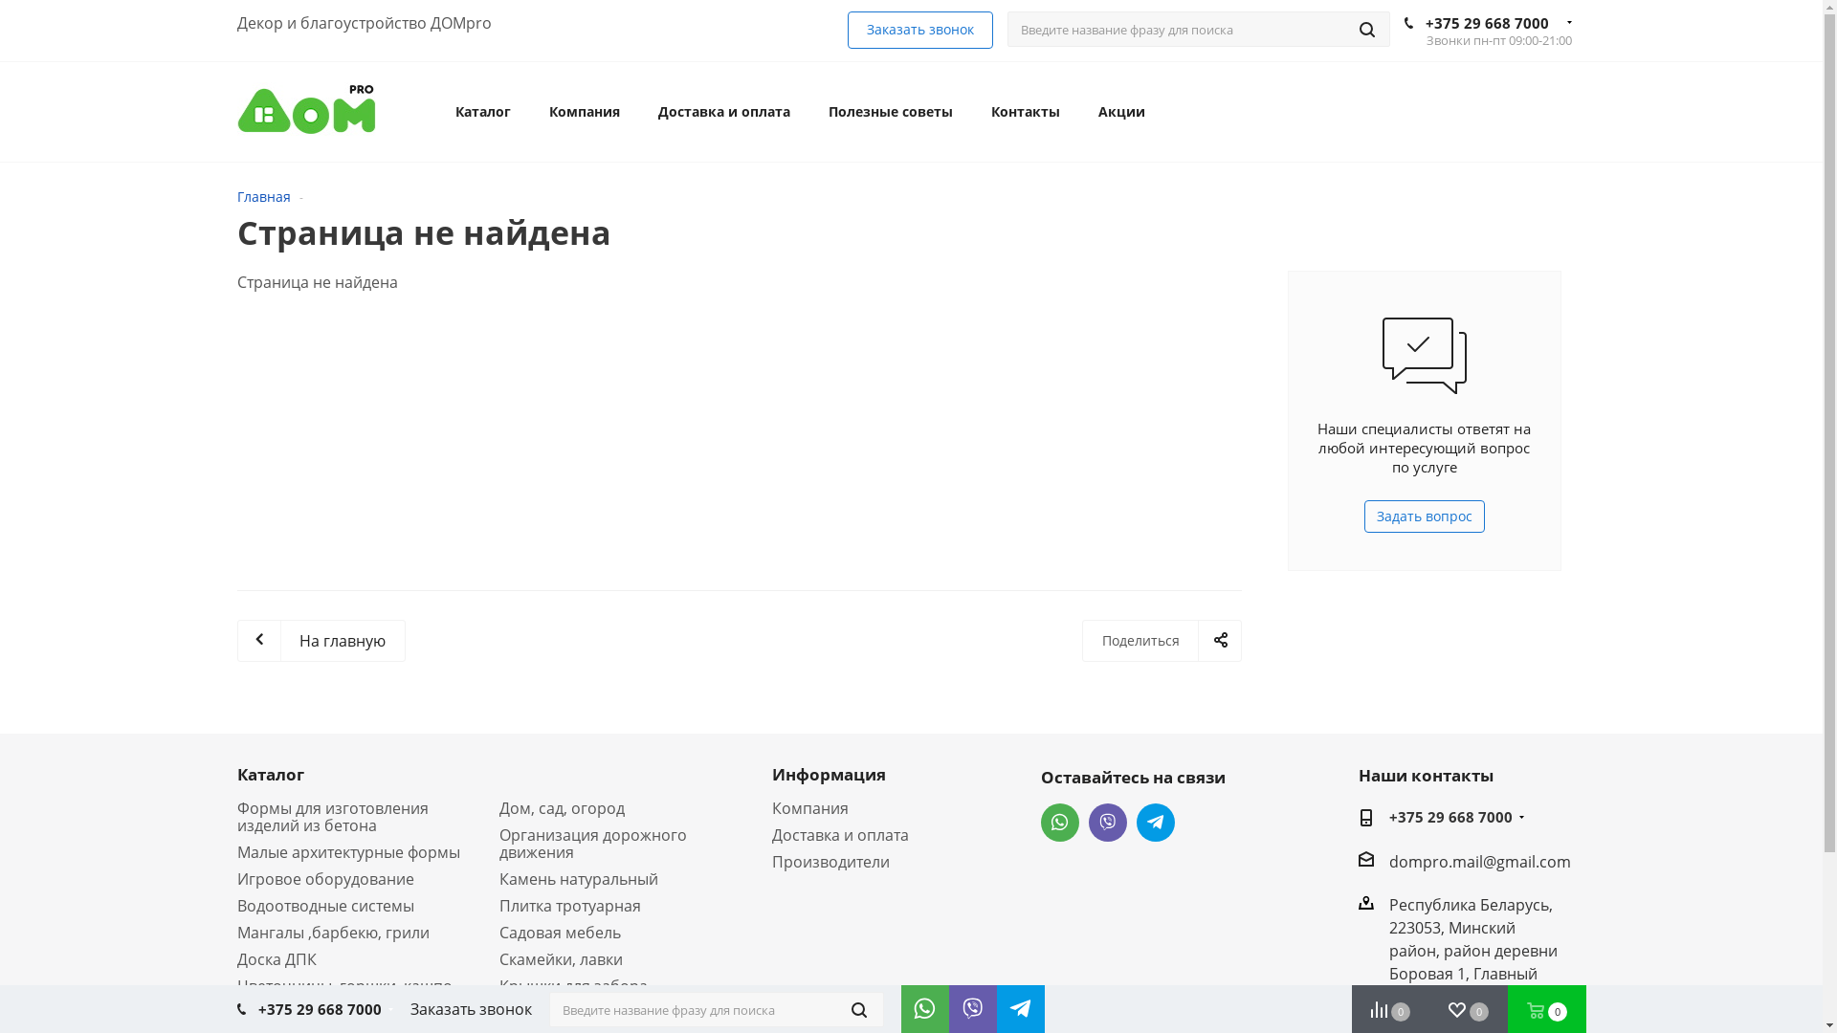 Image resolution: width=1837 pixels, height=1033 pixels. Describe the element at coordinates (320, 1008) in the screenshot. I see `'+375 29 668 7000'` at that location.